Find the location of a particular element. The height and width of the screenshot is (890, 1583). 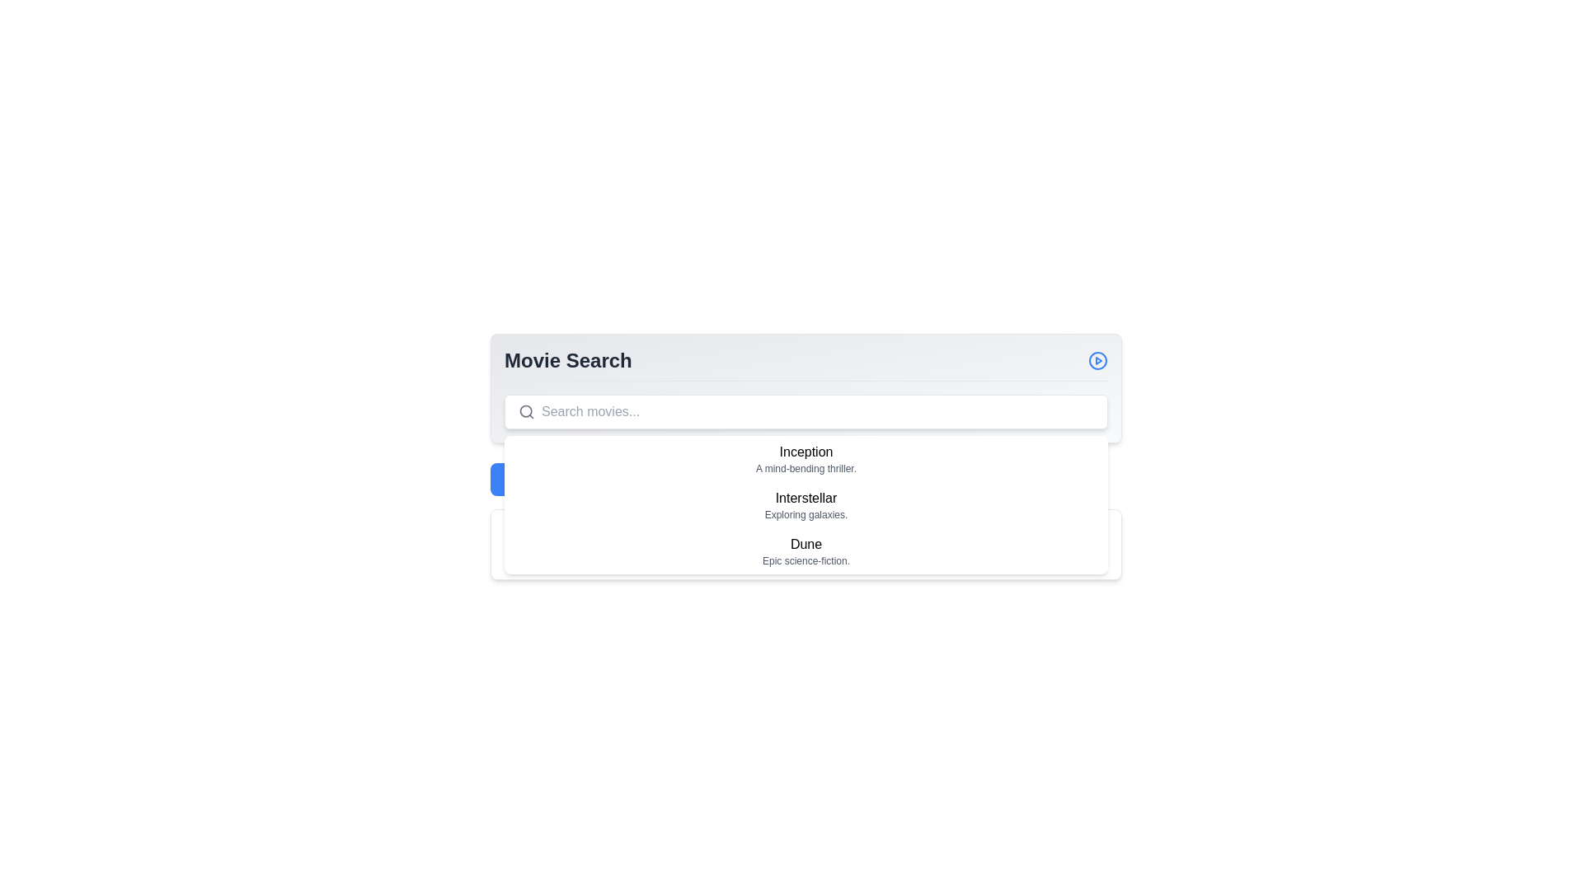

the static display text element that provides a brief description for the movie 'Dune', located in the dropdown menu as the last entry beneath the title is located at coordinates (806, 560).